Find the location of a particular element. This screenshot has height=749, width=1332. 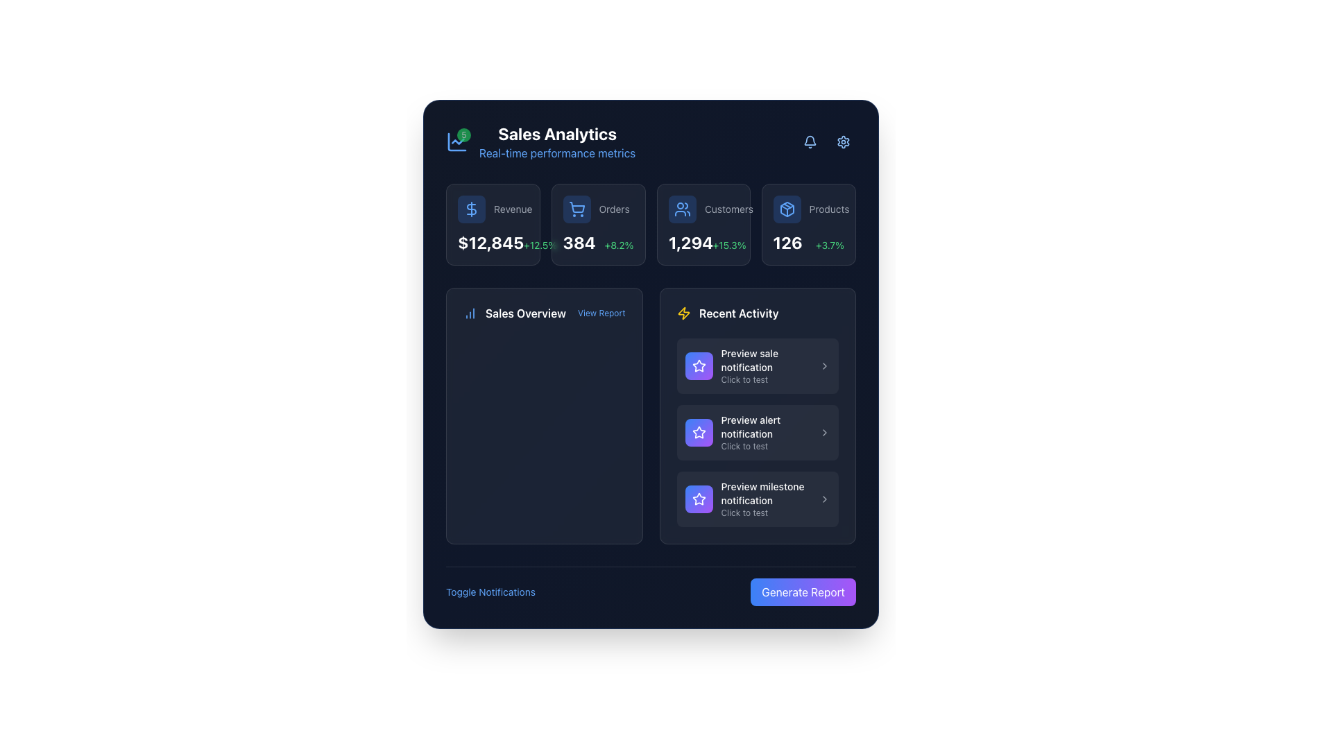

prominent header text 'Sales Analytics' which is styled in bold white font, located at the top left corner of the interface, directly below a small green icon is located at coordinates (557, 133).